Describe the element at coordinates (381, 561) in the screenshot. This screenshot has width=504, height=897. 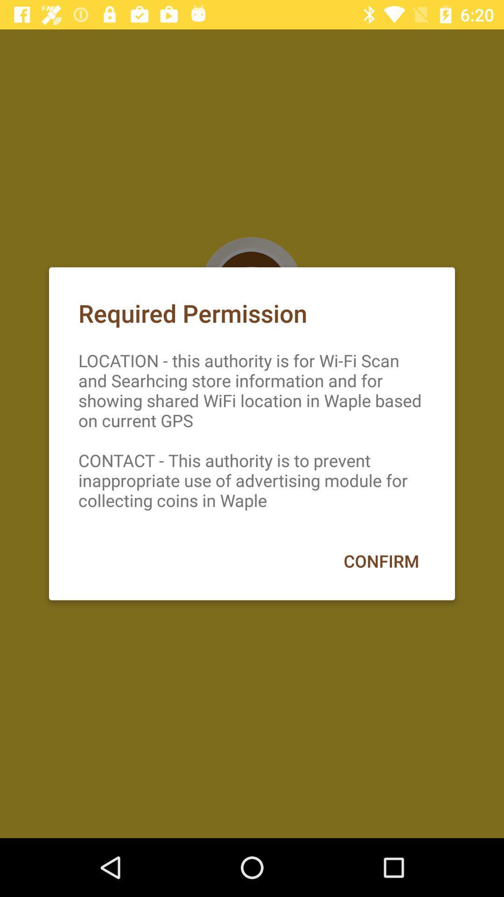
I see `confirm item` at that location.